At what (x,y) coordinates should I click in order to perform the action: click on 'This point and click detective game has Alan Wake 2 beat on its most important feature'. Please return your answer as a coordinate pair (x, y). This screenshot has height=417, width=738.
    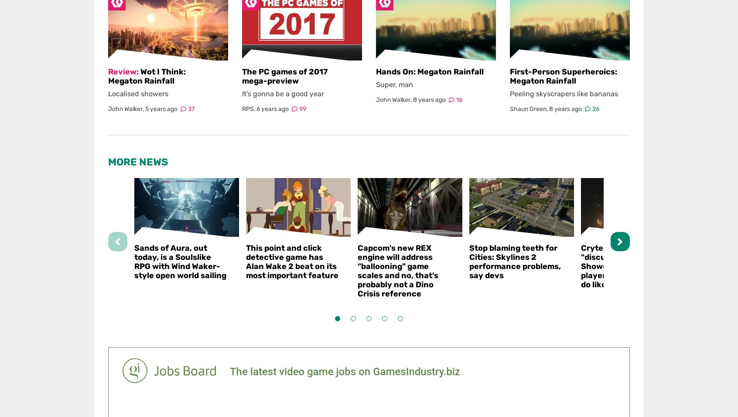
    Looking at the image, I should click on (292, 261).